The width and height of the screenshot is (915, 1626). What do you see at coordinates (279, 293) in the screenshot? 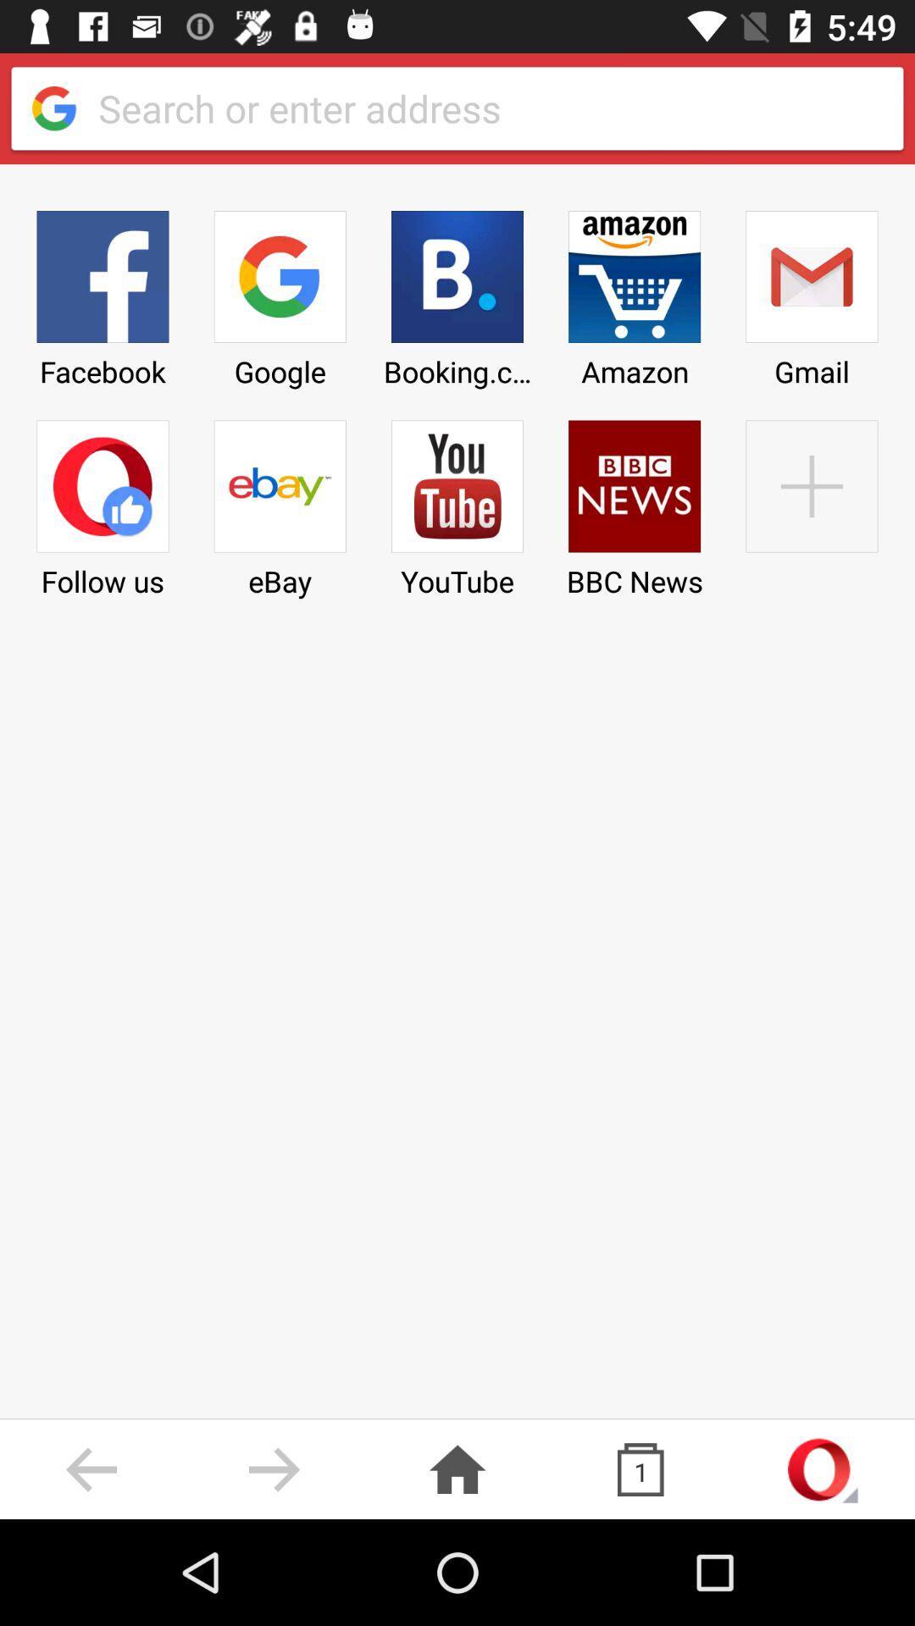
I see `the item above ebay icon` at bounding box center [279, 293].